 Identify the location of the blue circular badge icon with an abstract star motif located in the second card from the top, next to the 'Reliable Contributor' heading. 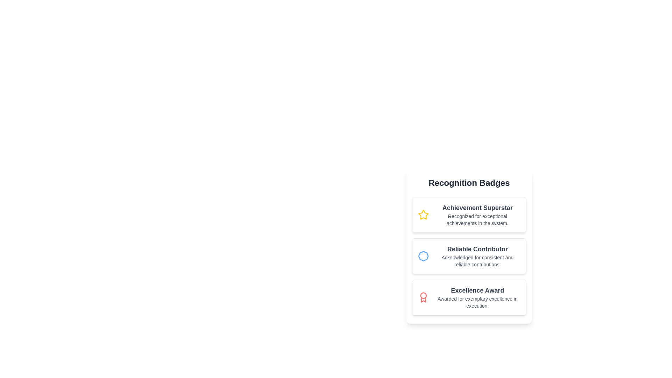
(426, 256).